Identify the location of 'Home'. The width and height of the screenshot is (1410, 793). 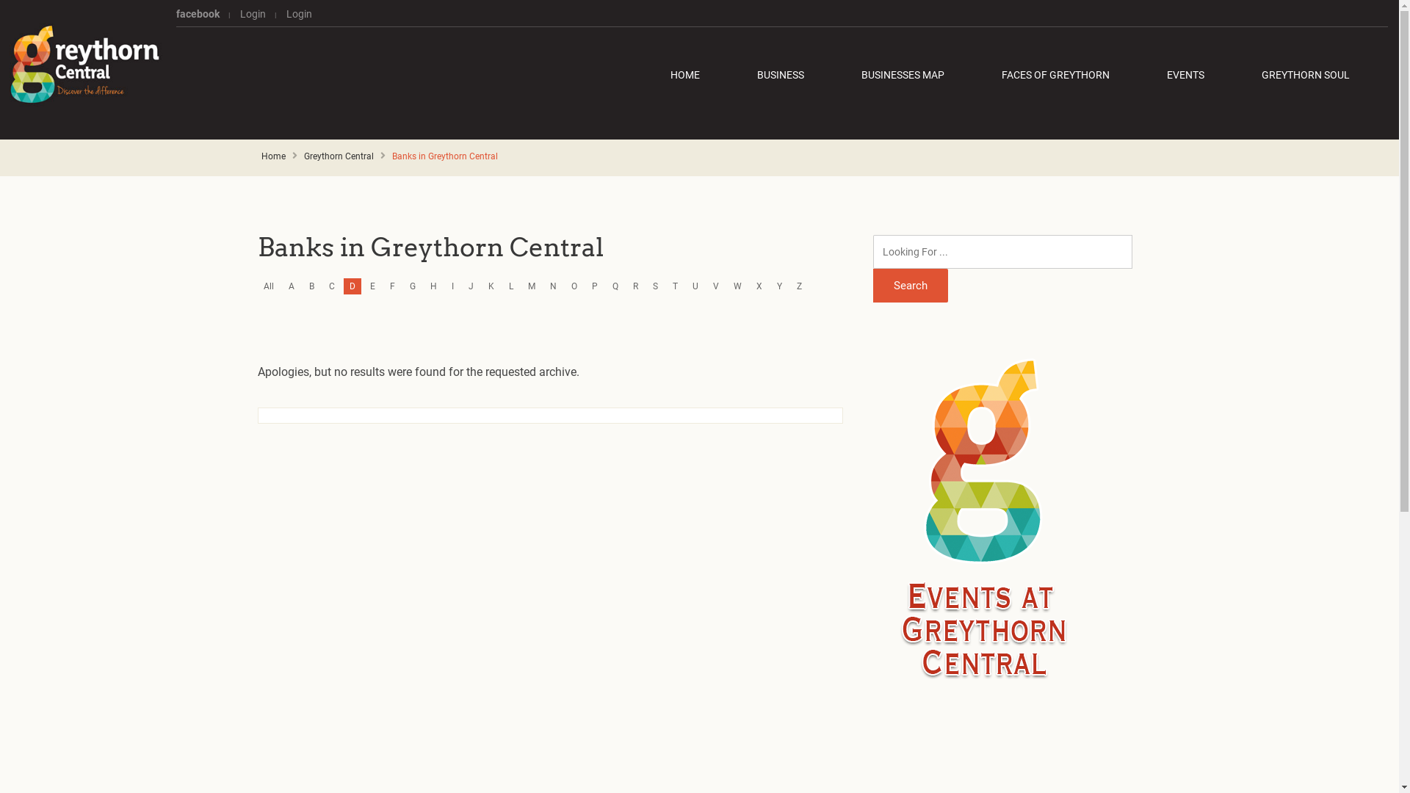
(273, 156).